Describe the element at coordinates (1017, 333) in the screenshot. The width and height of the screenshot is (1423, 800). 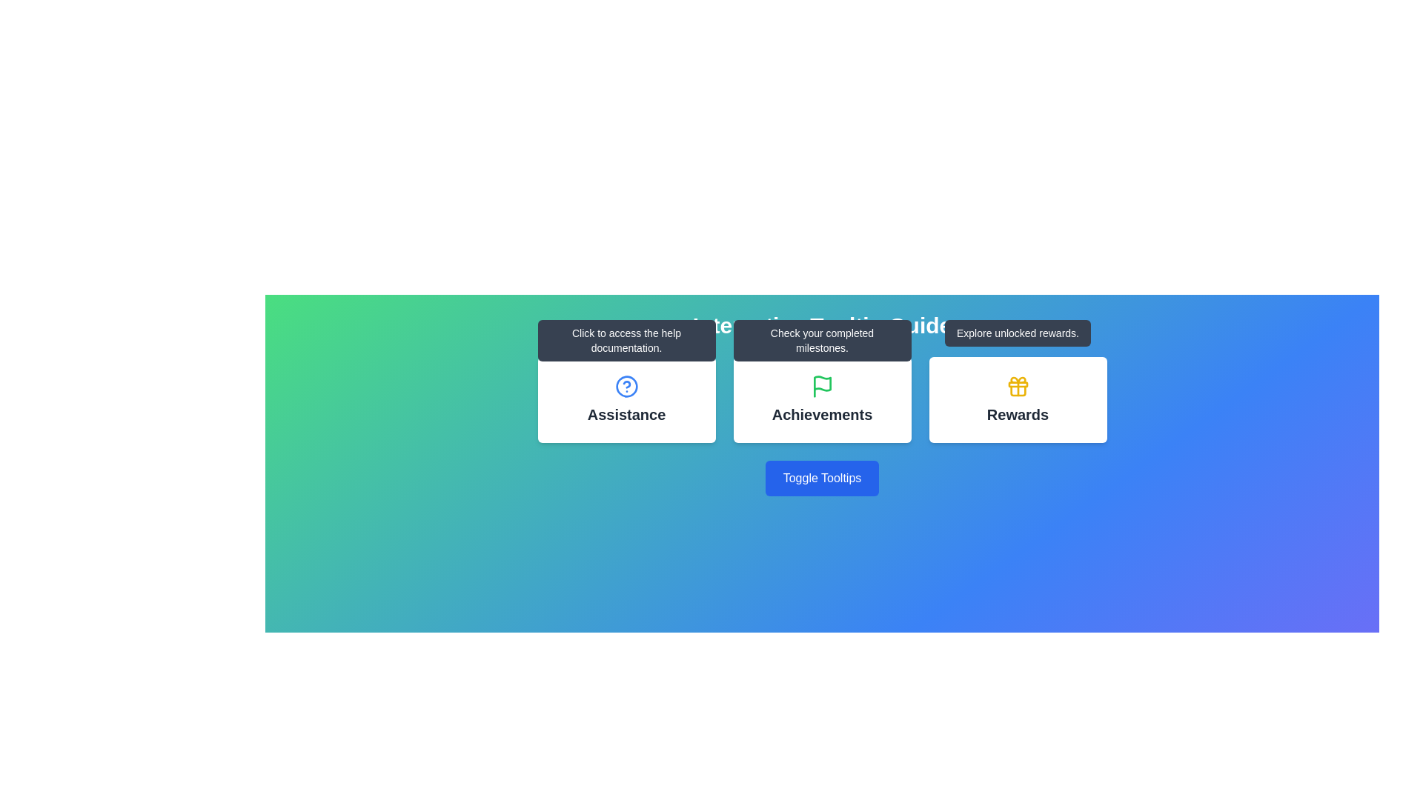
I see `the tooltip located above the 'Rewards' card, which is the rightmost card in a sequence of three cards` at that location.